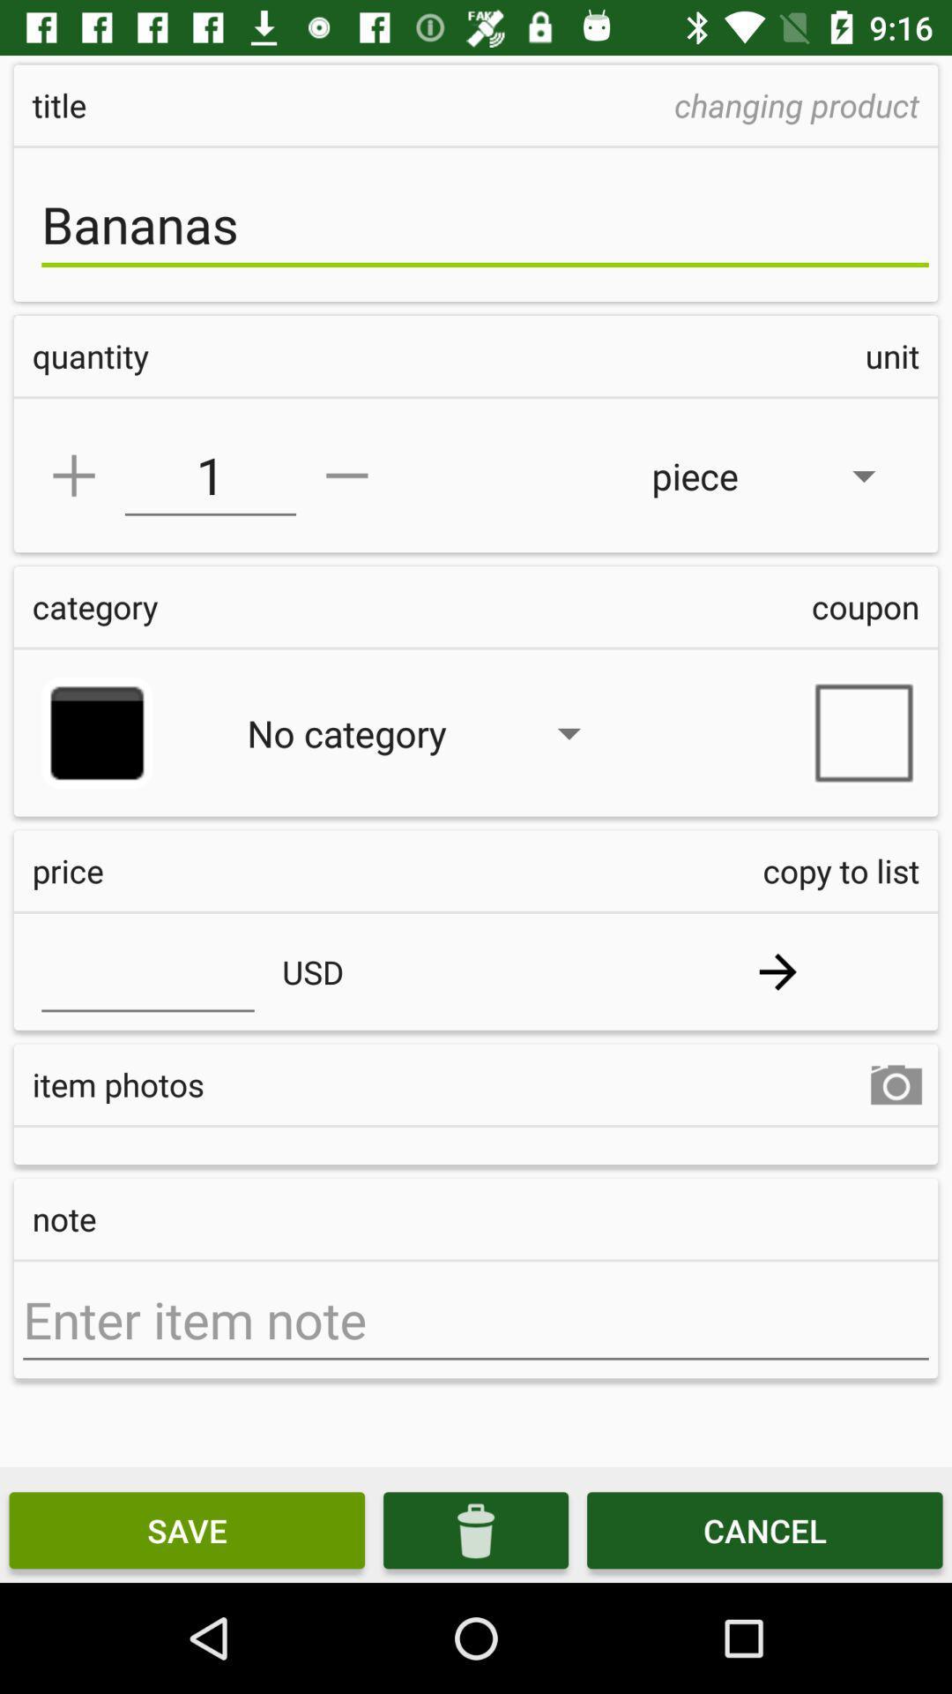 The height and width of the screenshot is (1694, 952). I want to click on item at the bottom left corner, so click(187, 1529).